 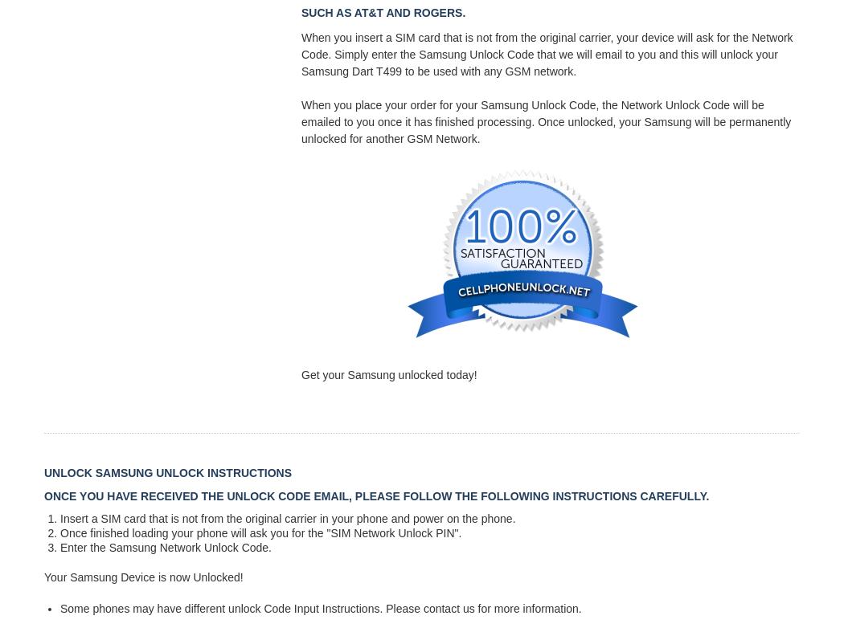 I want to click on 'Get your Samsung unlocked today!', so click(x=300, y=375).